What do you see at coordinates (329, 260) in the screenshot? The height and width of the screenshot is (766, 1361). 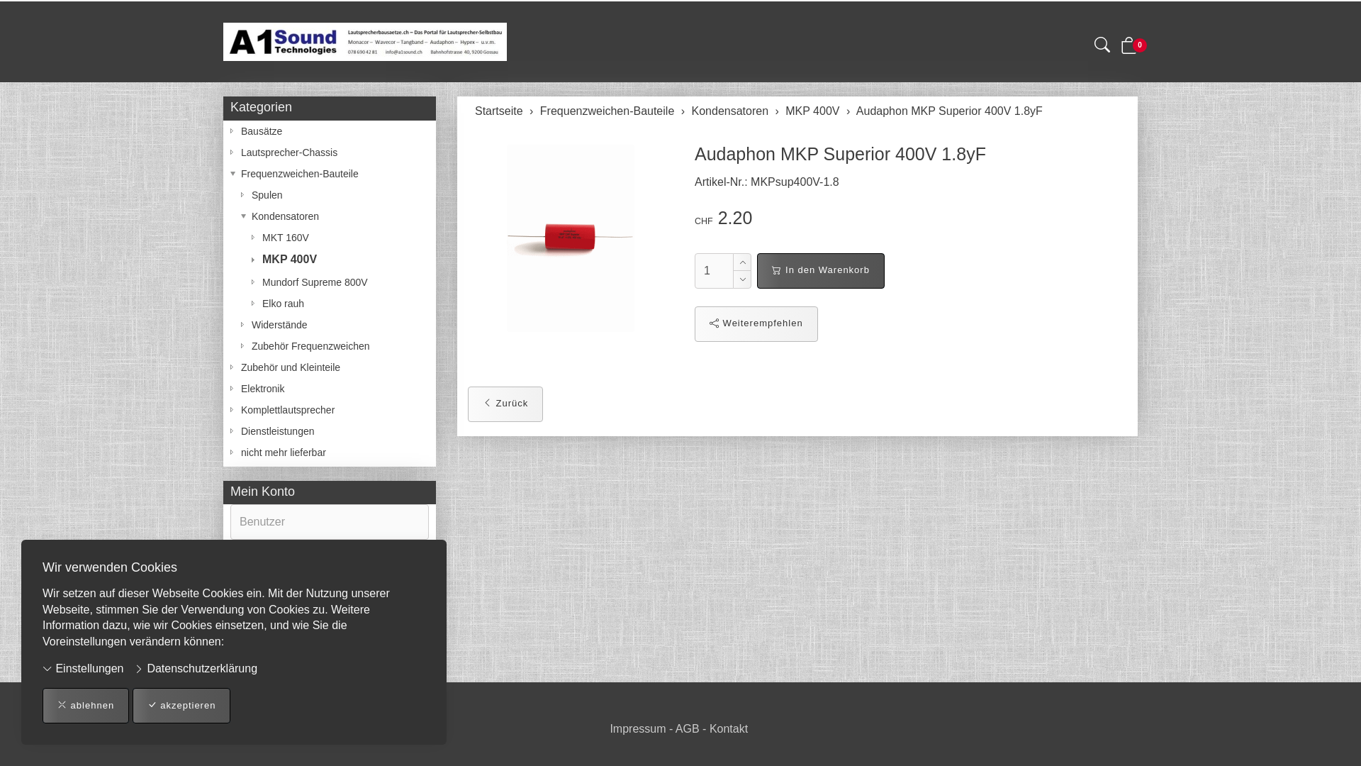 I see `'MKP 400V'` at bounding box center [329, 260].